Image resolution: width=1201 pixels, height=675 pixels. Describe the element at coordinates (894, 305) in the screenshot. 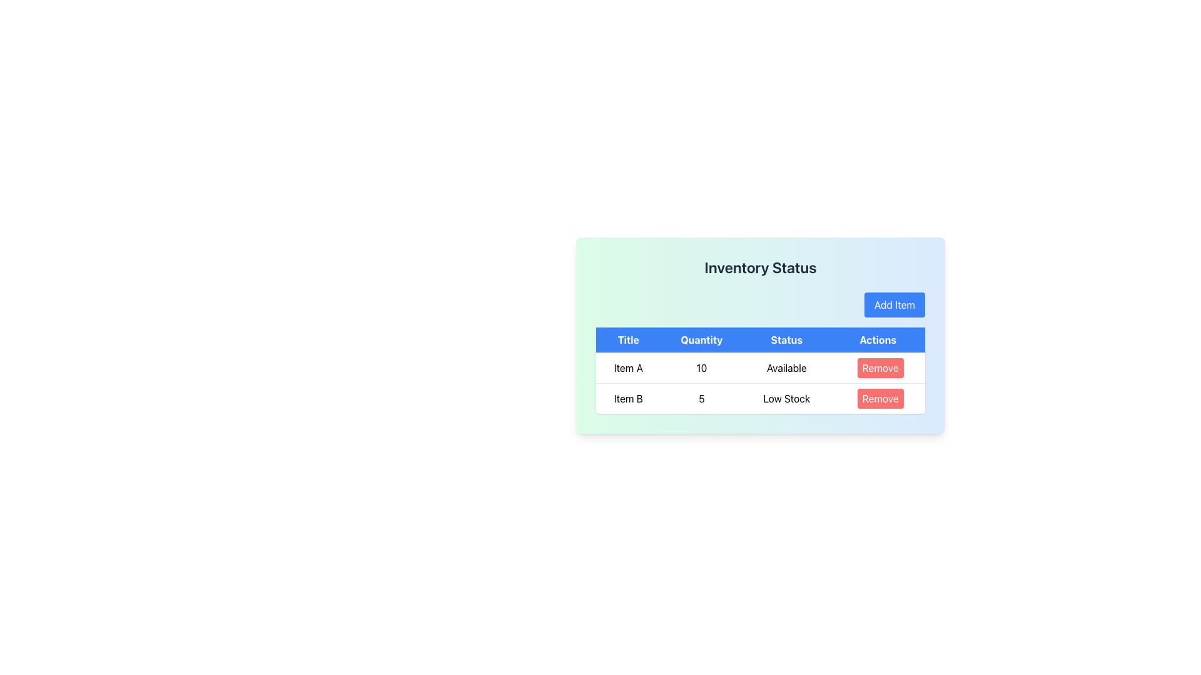

I see `the button located in the top-right corner of the 'Inventory Status' table` at that location.